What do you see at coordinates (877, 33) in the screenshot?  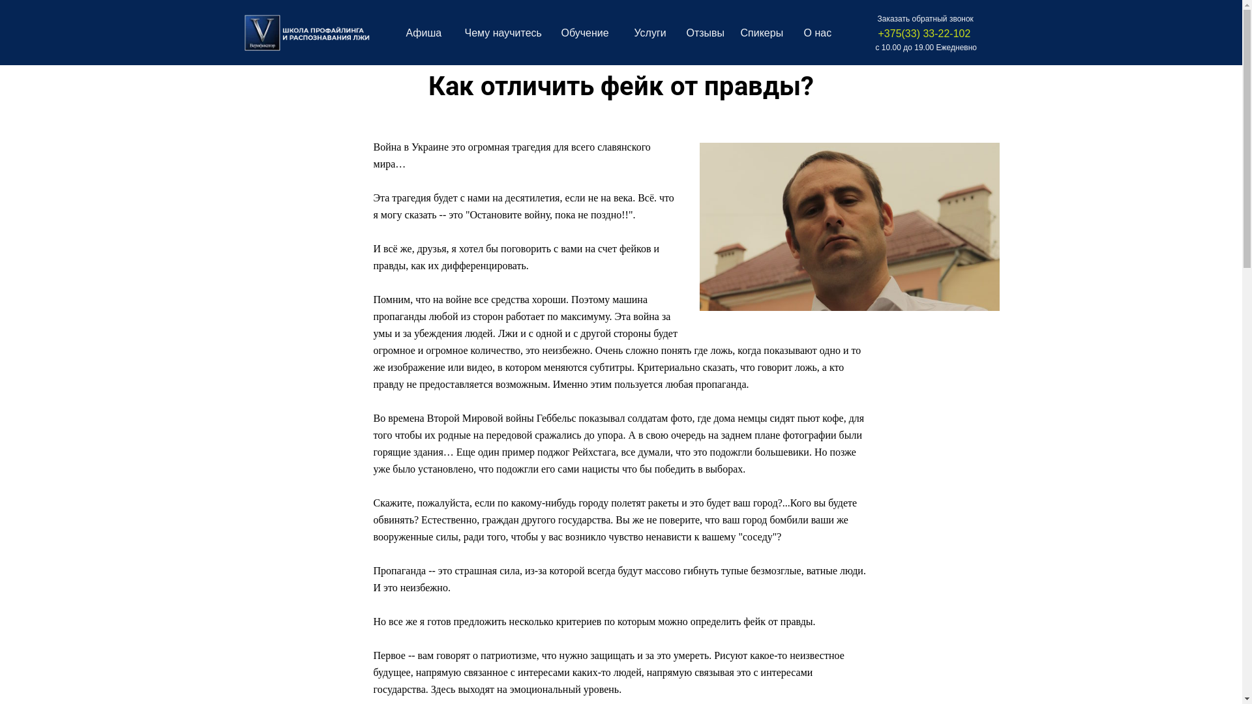 I see `'+375(33) 33-22-102'` at bounding box center [877, 33].